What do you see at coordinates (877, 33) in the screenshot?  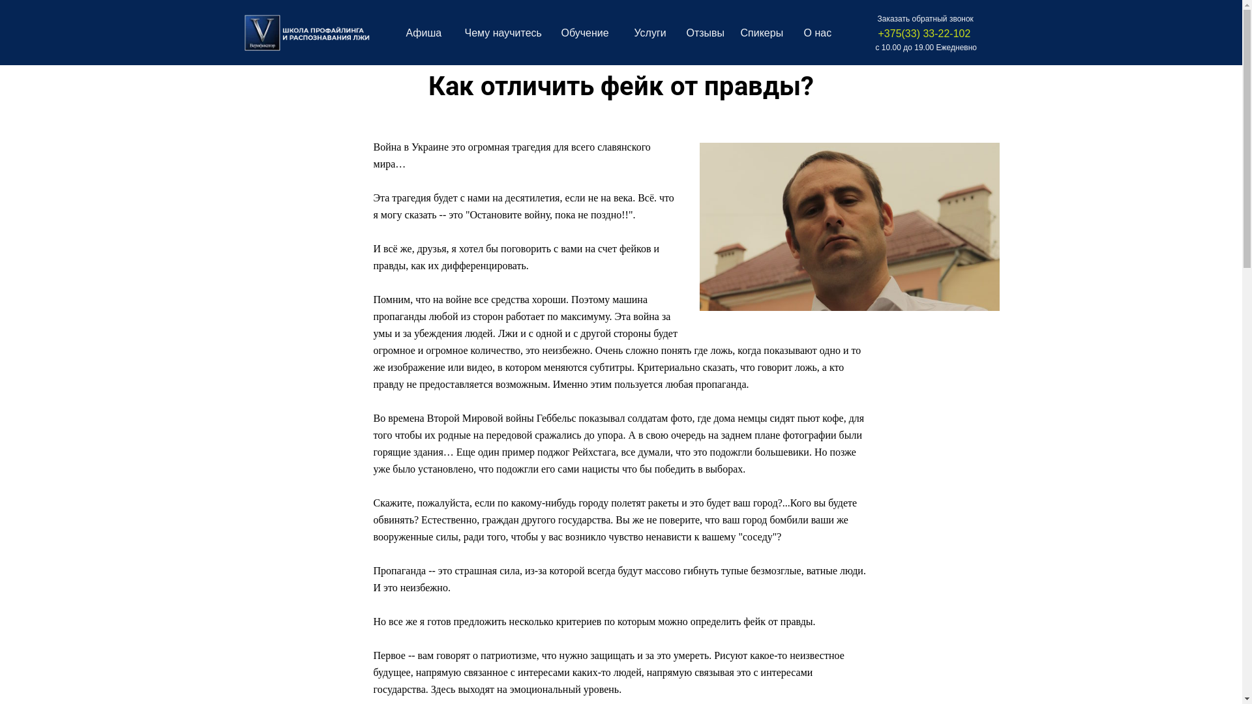 I see `'+375(33) 33-22-102'` at bounding box center [877, 33].